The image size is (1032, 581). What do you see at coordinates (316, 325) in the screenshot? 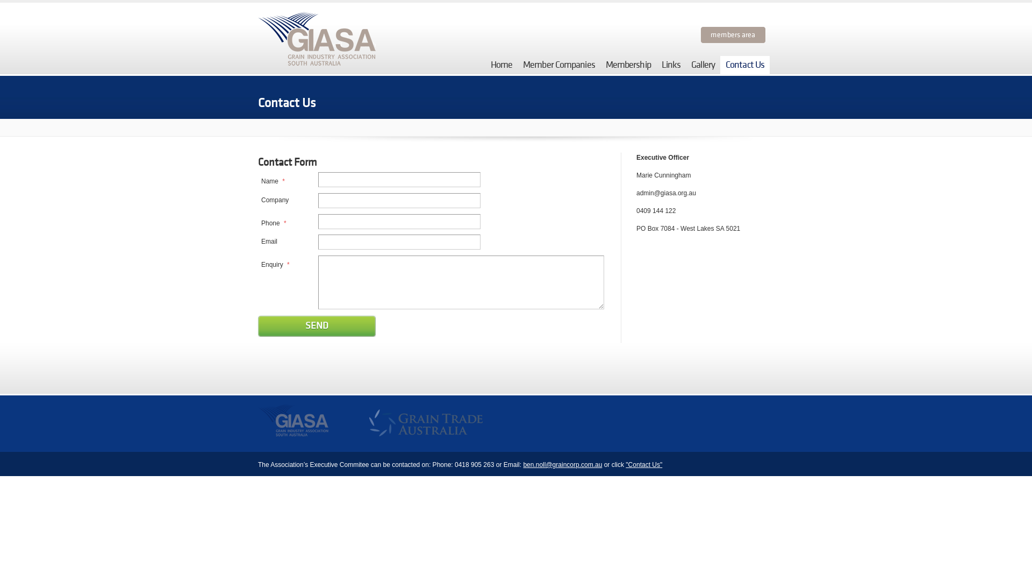
I see `'SEND'` at bounding box center [316, 325].